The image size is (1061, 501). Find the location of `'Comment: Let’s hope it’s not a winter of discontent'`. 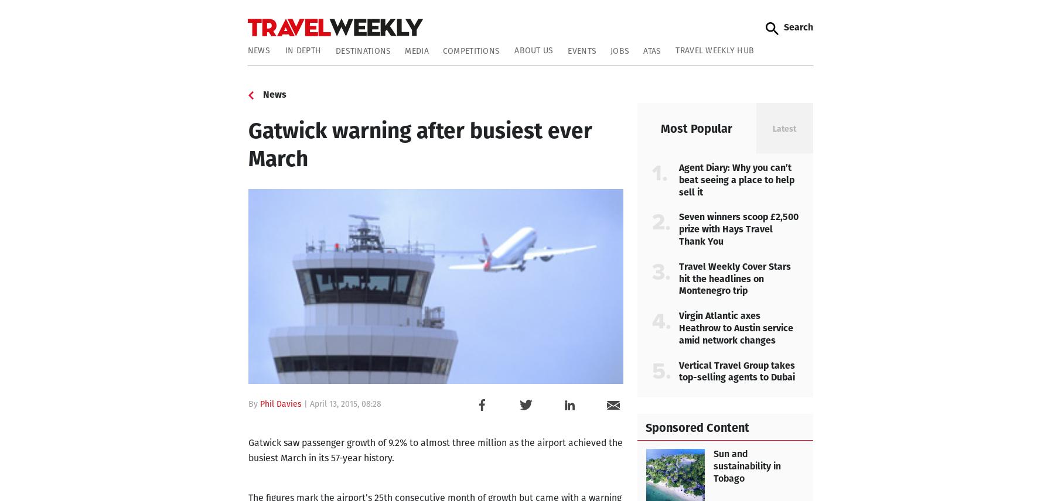

'Comment: Let’s hope it’s not a winter of discontent' is located at coordinates (364, 160).